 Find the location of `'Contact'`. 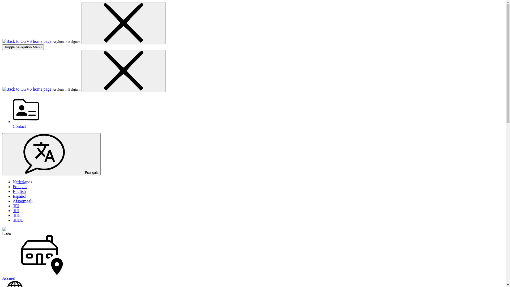

'Contact' is located at coordinates (258, 112).